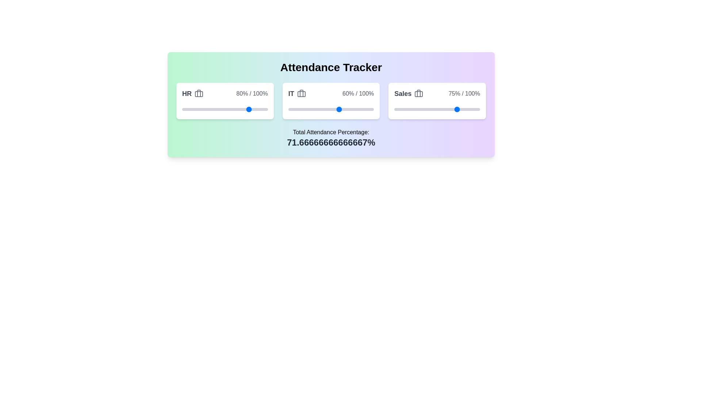 Image resolution: width=701 pixels, height=394 pixels. What do you see at coordinates (354, 109) in the screenshot?
I see `the slider value` at bounding box center [354, 109].